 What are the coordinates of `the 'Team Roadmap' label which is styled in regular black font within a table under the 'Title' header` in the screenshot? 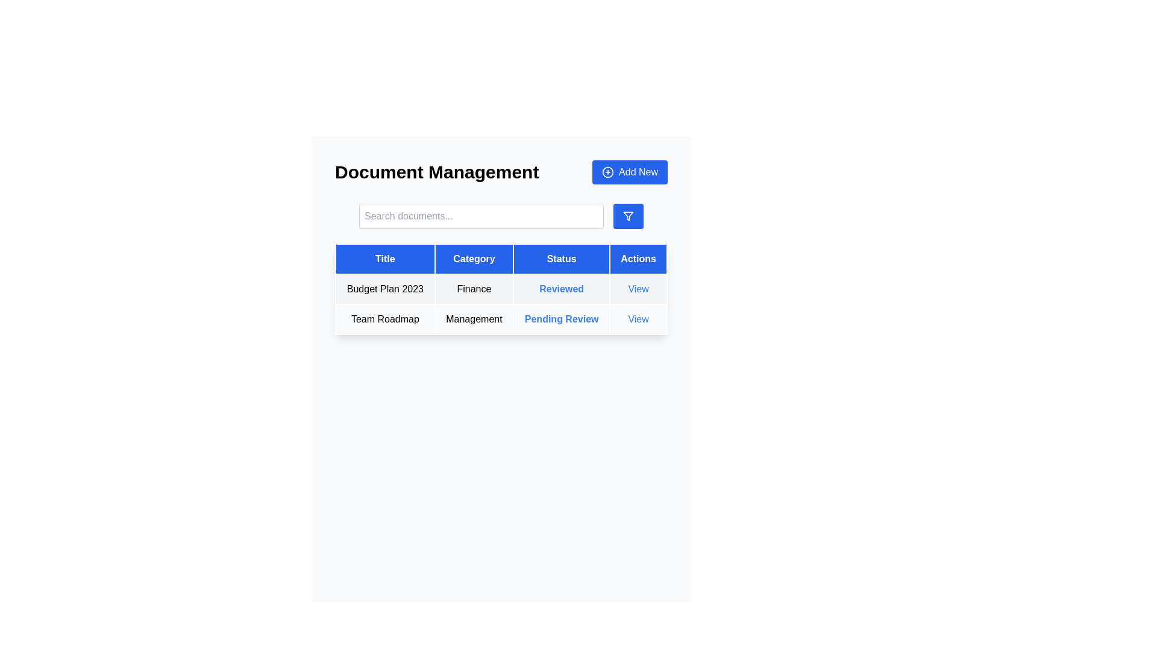 It's located at (384, 318).